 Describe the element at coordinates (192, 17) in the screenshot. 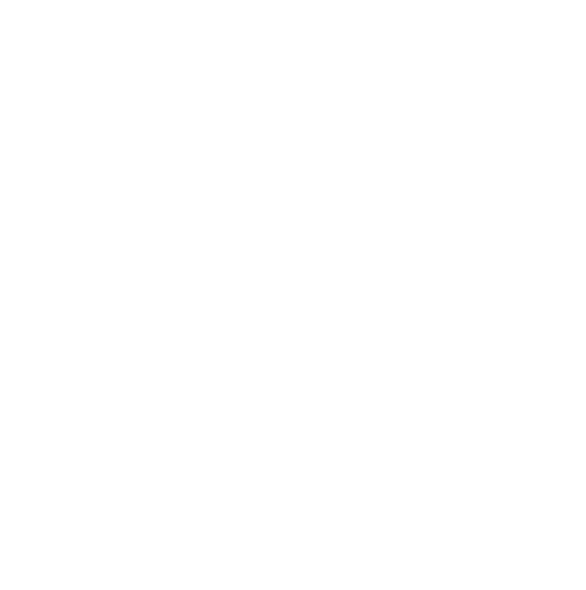

I see `'del sito.'` at that location.